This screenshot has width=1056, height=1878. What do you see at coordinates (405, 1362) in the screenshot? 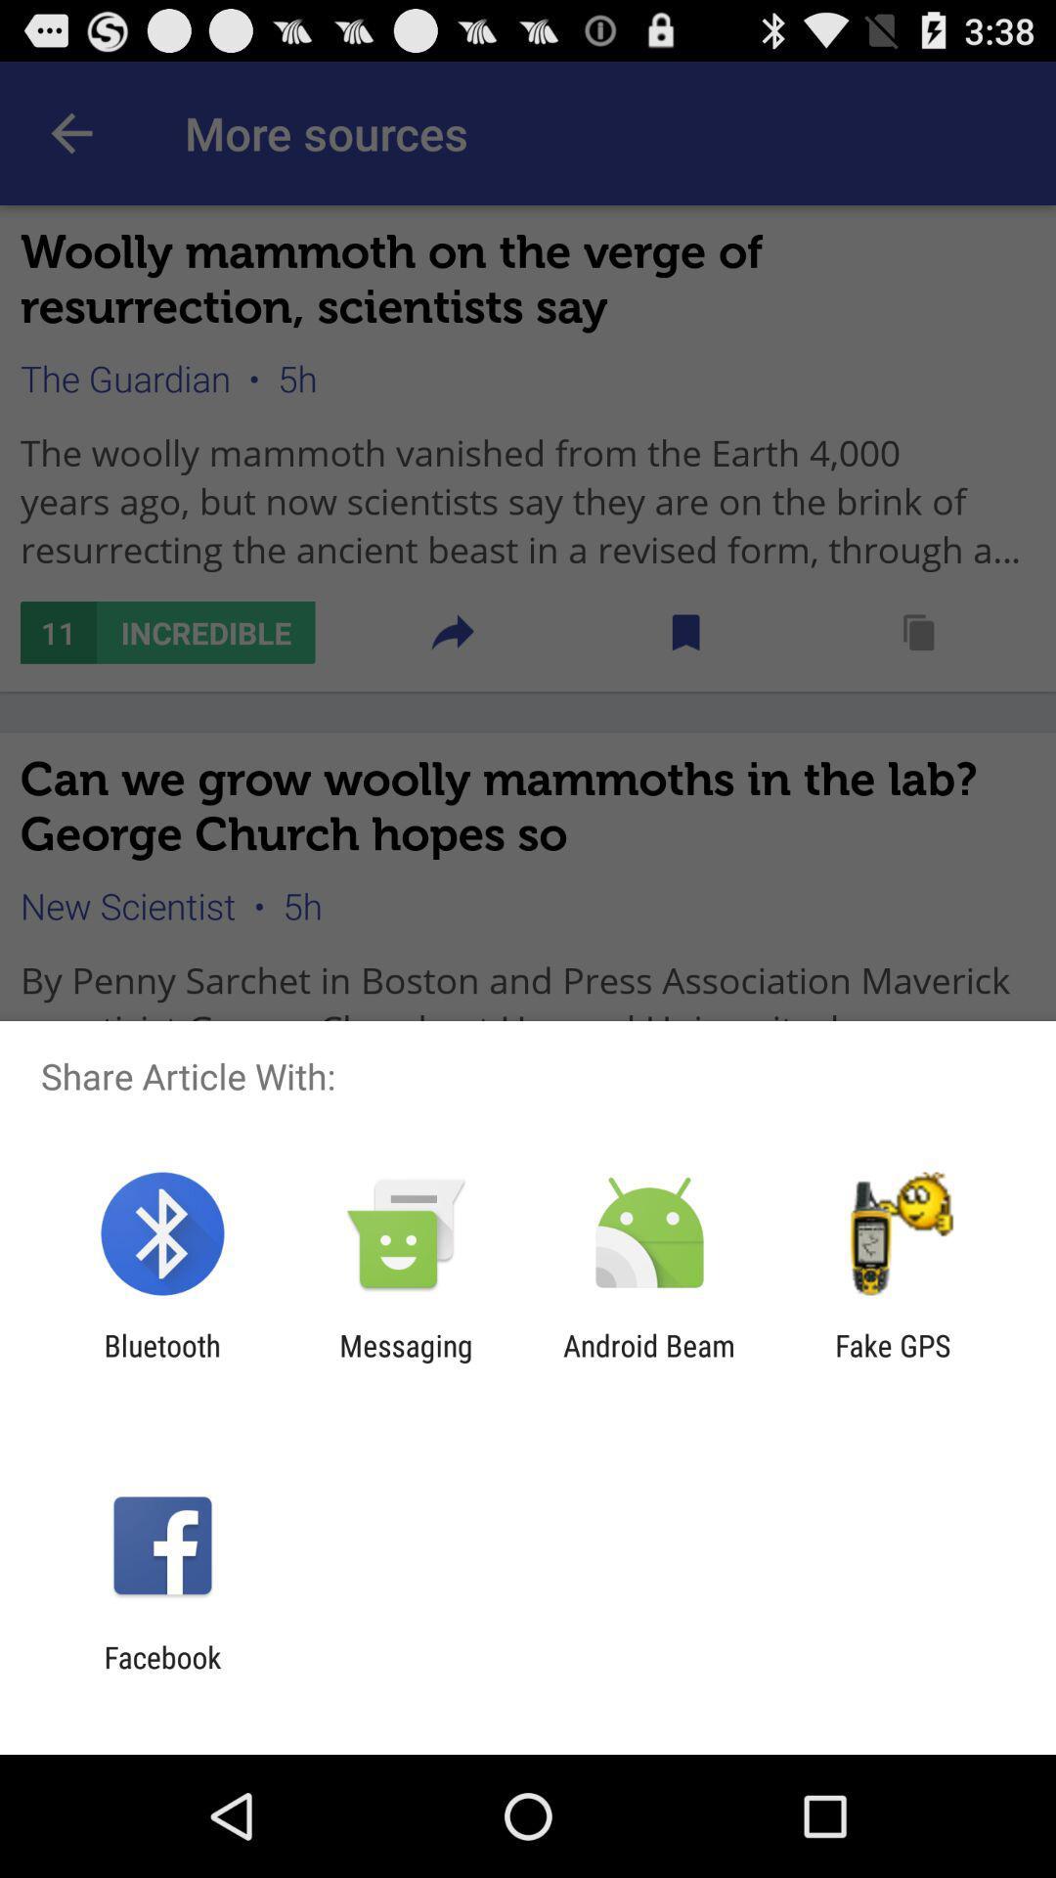
I see `item to the left of the android beam app` at bounding box center [405, 1362].